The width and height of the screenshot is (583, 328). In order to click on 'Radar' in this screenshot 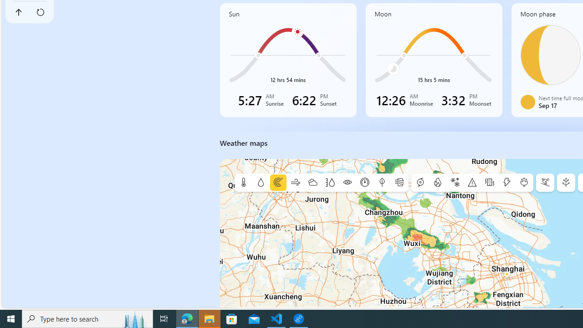, I will do `click(277, 183)`.